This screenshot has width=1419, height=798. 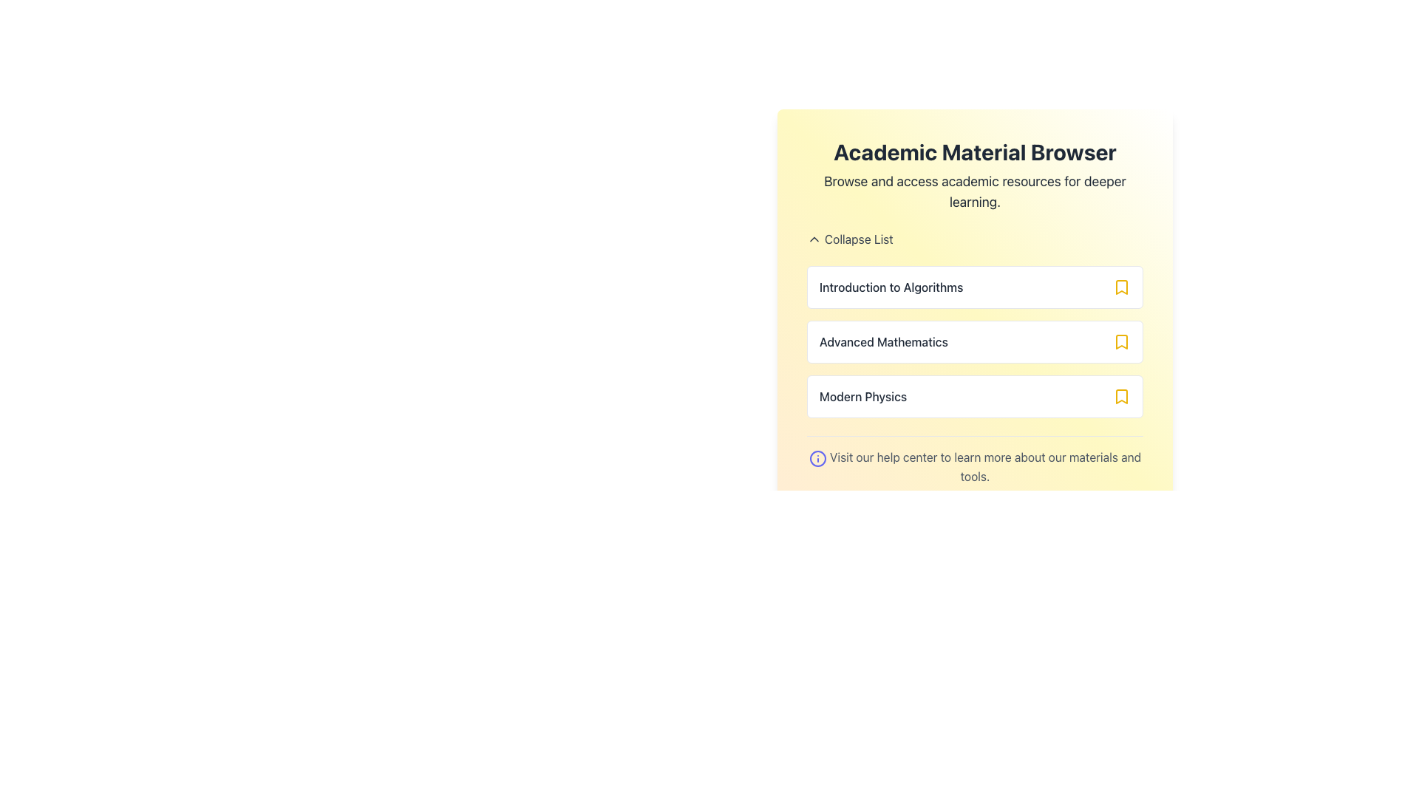 I want to click on the 'Advanced Mathematics' button, which is the second item in the Academic Material Browser list, so click(x=975, y=341).